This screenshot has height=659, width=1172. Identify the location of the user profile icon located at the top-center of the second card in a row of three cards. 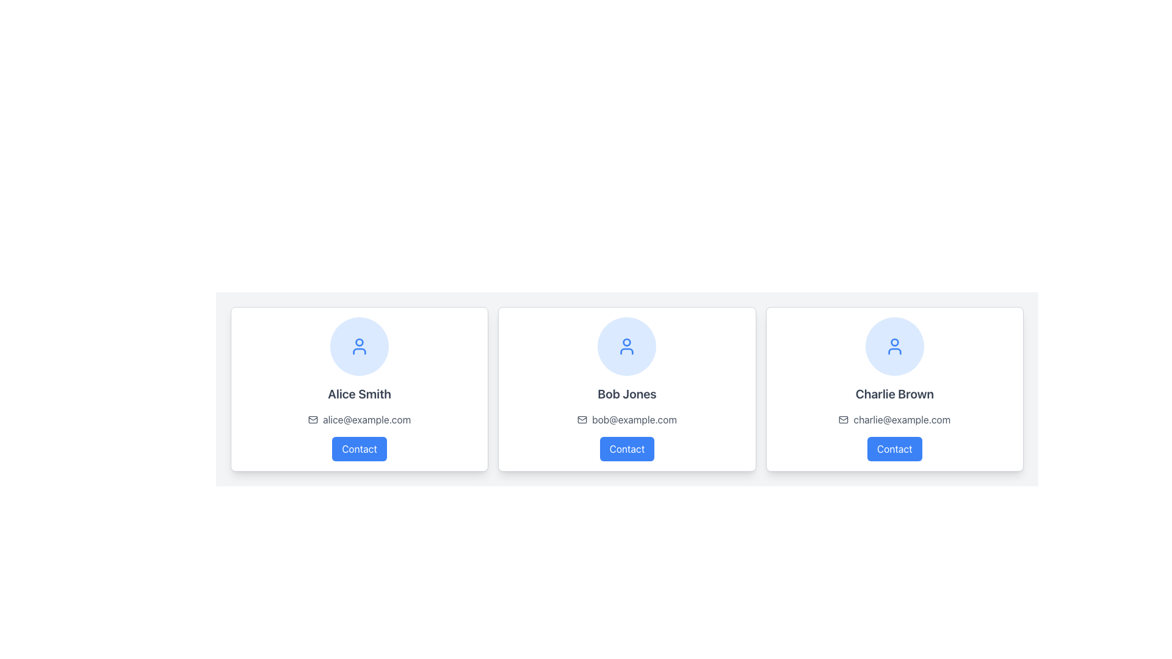
(627, 346).